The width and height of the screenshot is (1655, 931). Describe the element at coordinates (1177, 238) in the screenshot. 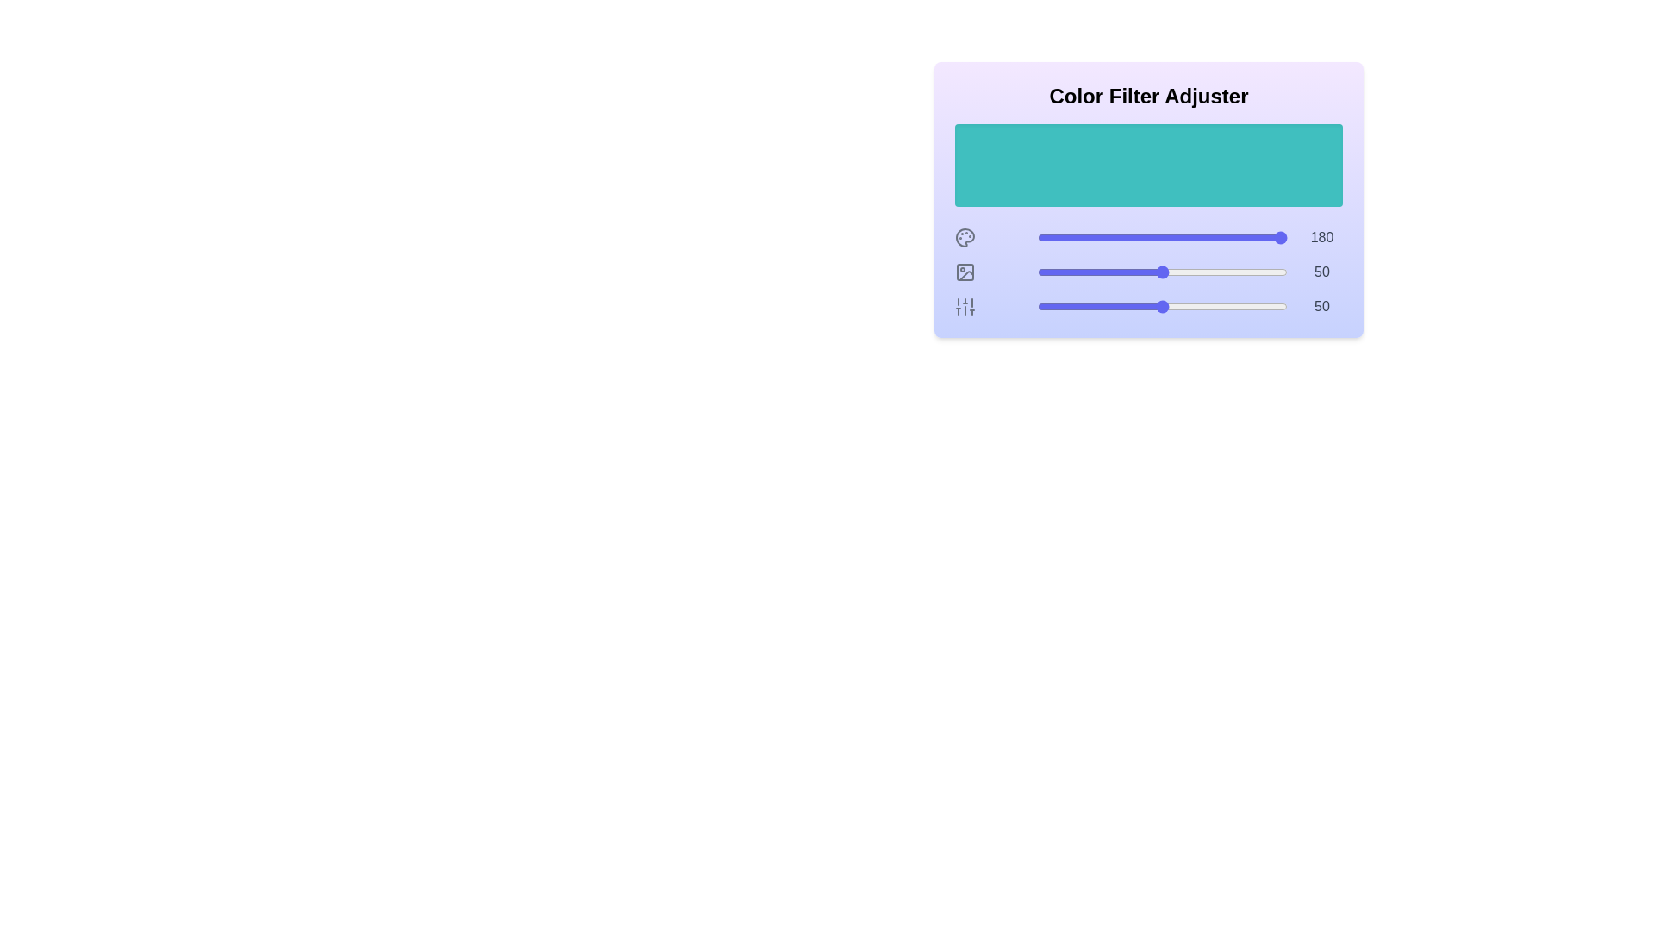

I see `the Hue slider to a value of 56` at that location.